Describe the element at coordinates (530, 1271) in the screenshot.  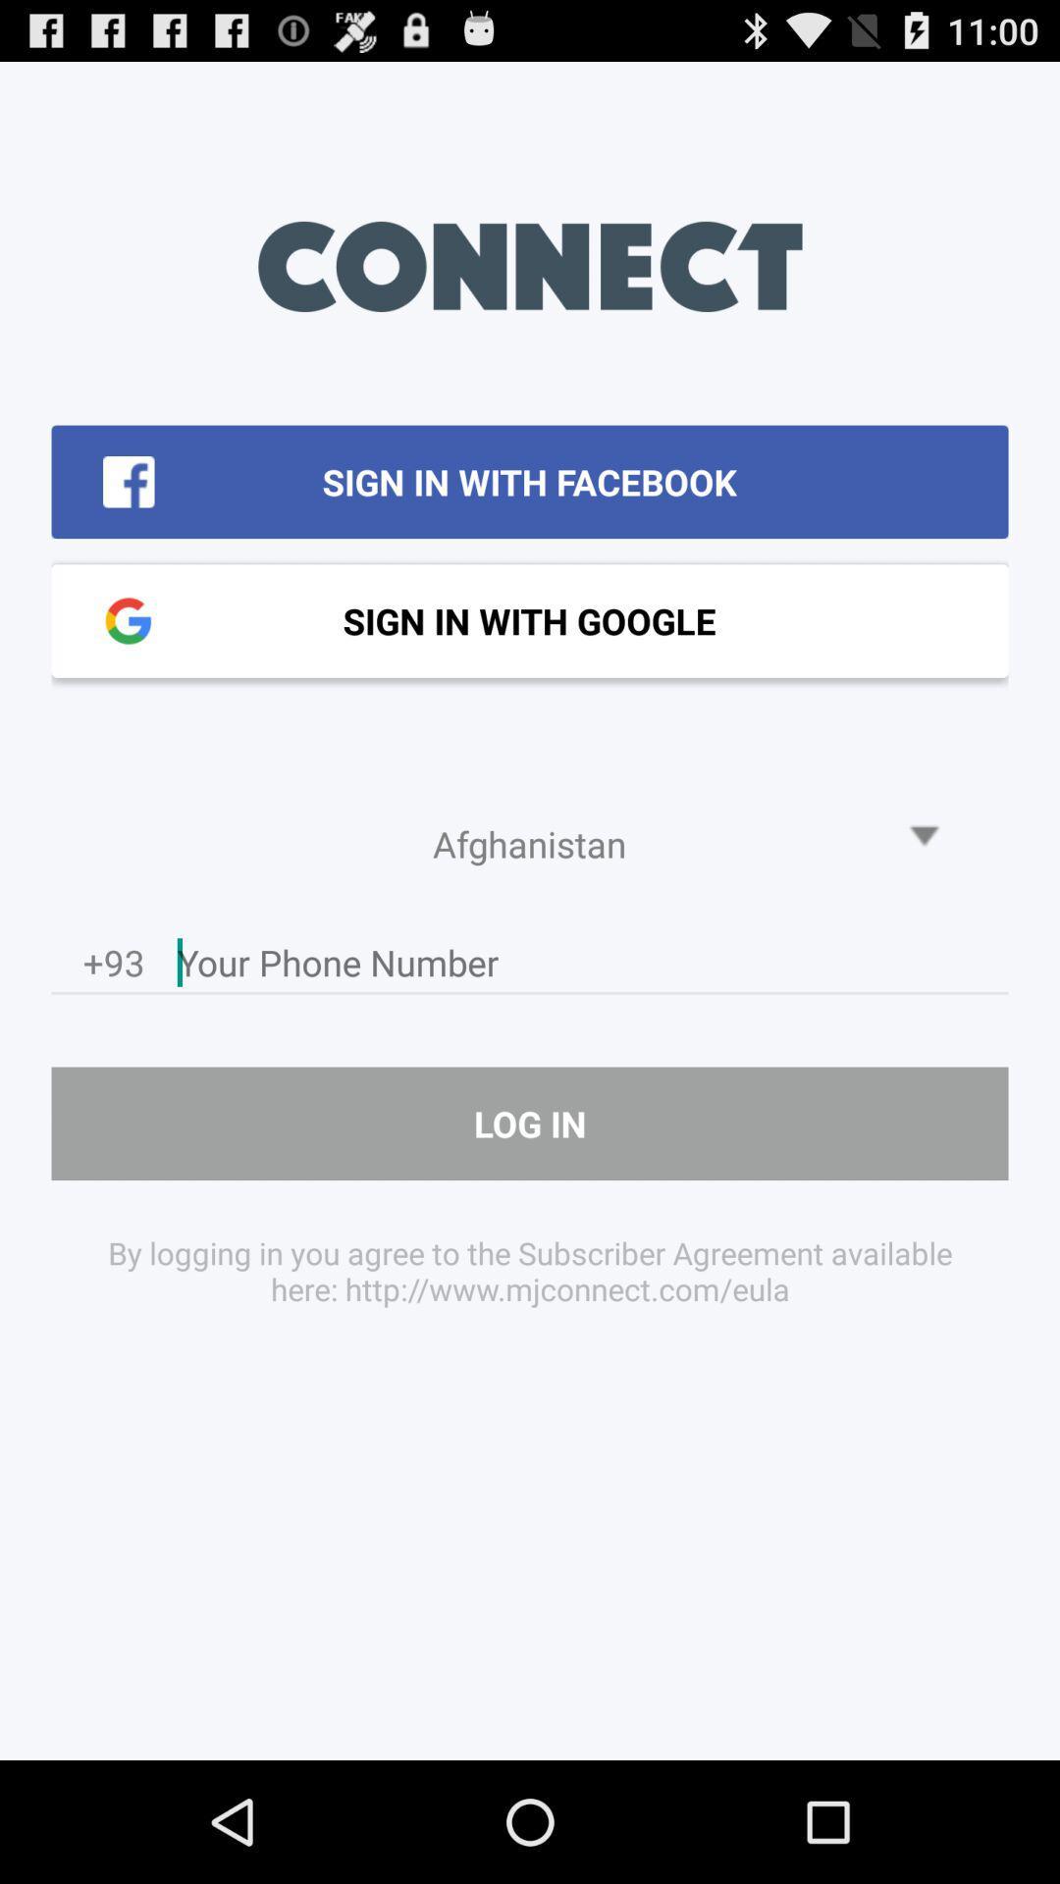
I see `item below log in` at that location.